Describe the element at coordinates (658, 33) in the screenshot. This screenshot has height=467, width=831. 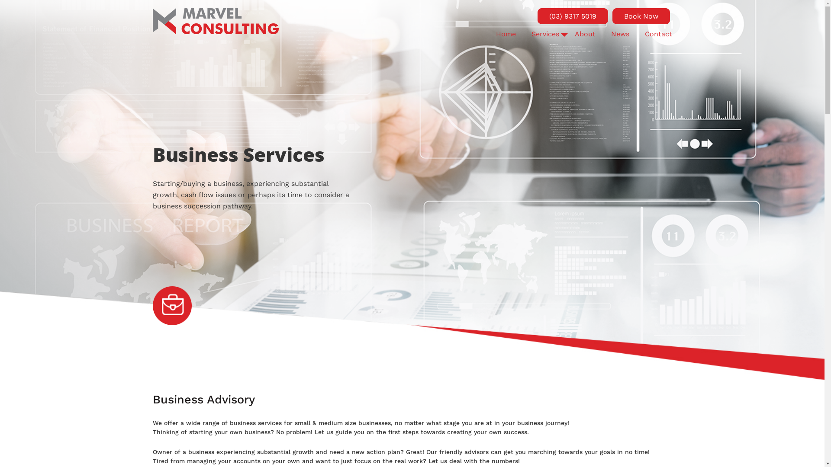
I see `'Contact'` at that location.